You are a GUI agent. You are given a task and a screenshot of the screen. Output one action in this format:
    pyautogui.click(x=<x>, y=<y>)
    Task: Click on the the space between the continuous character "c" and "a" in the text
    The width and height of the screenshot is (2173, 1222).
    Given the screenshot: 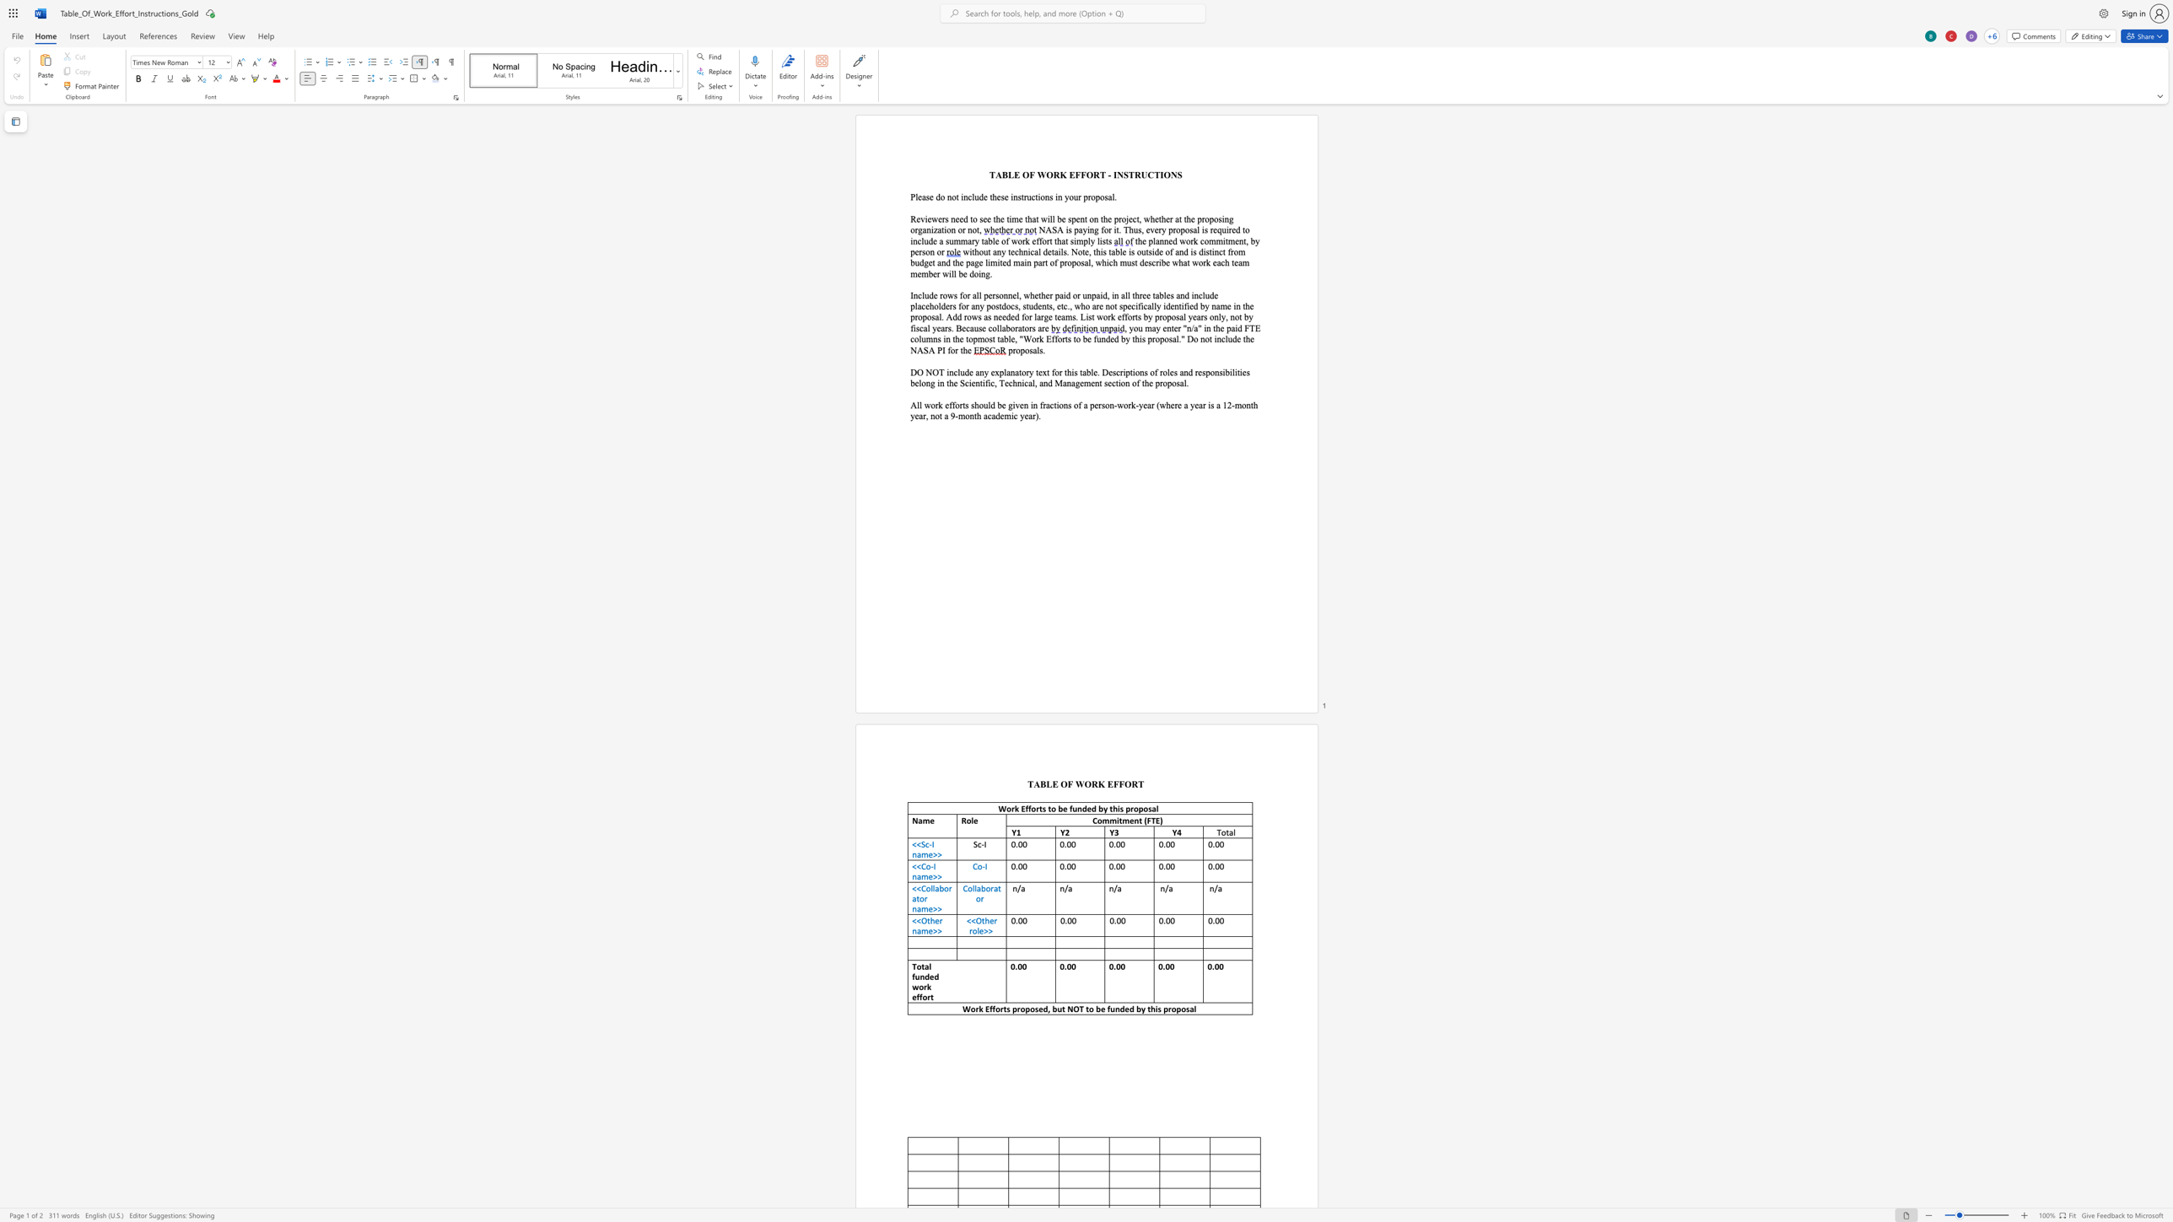 What is the action you would take?
    pyautogui.click(x=1146, y=305)
    